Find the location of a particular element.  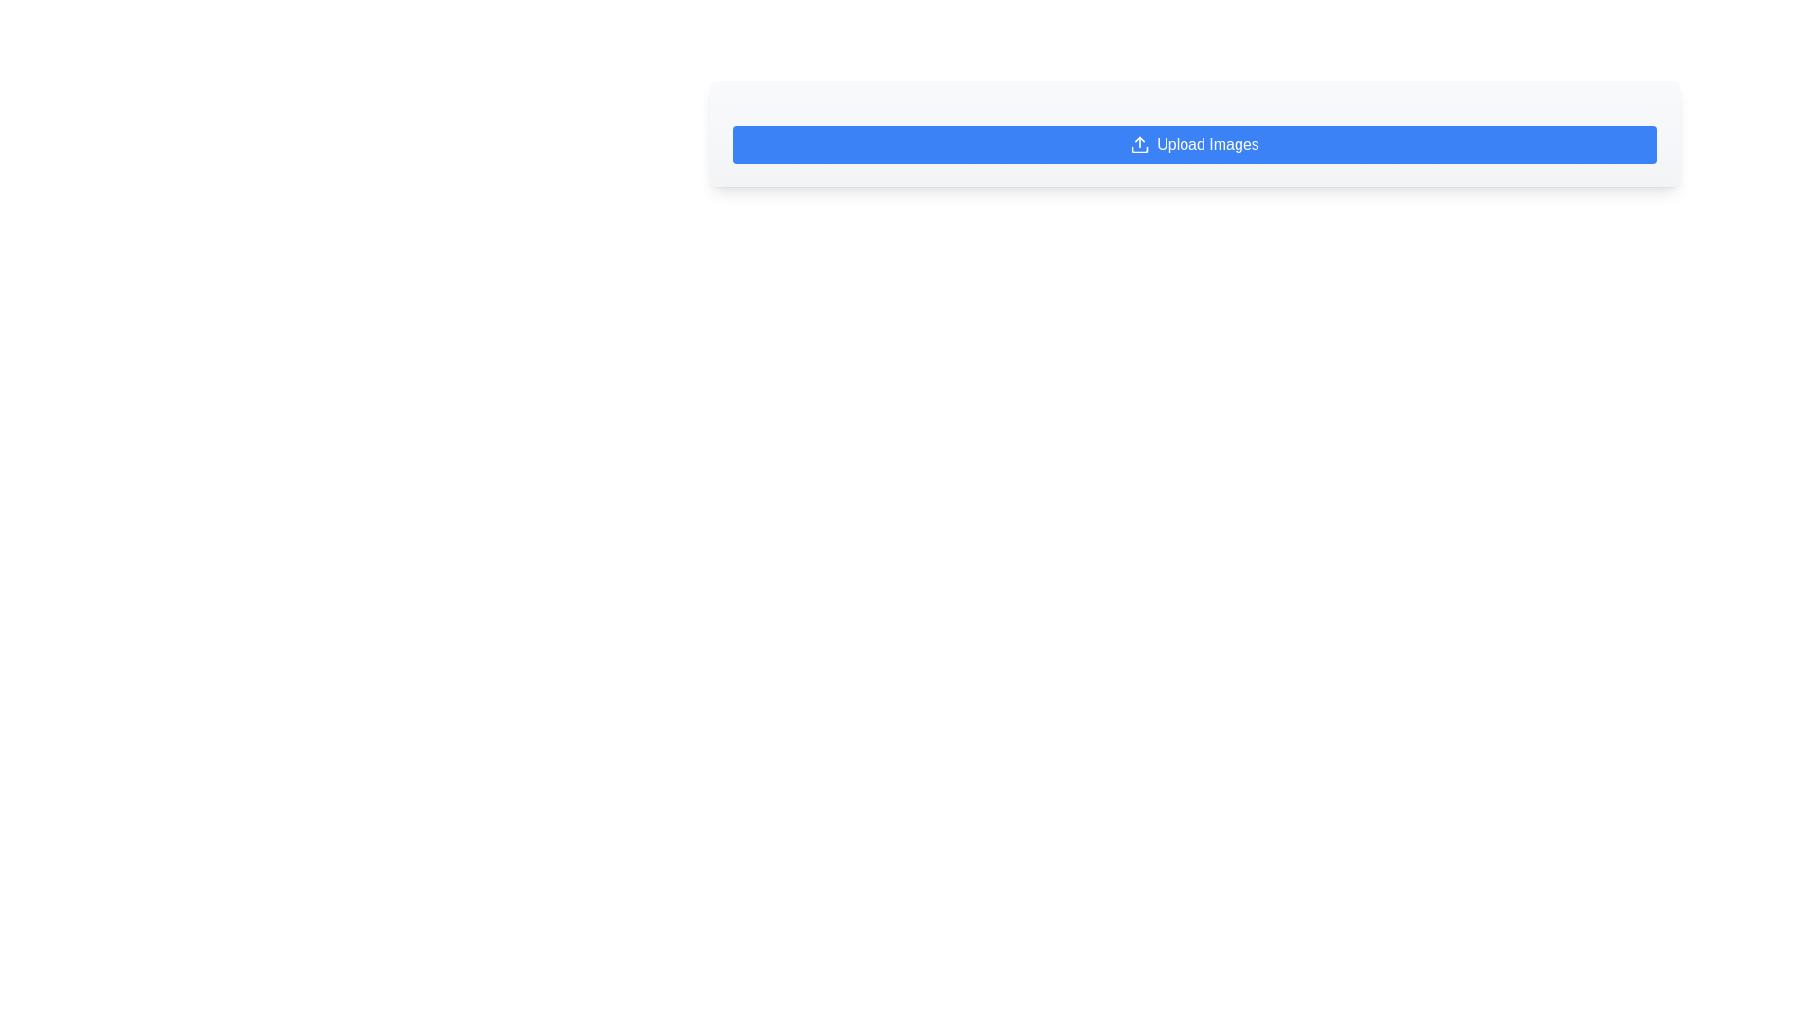

the upload icon located to the left of the 'Upload Images' text within the blue rectangular button is located at coordinates (1139, 144).